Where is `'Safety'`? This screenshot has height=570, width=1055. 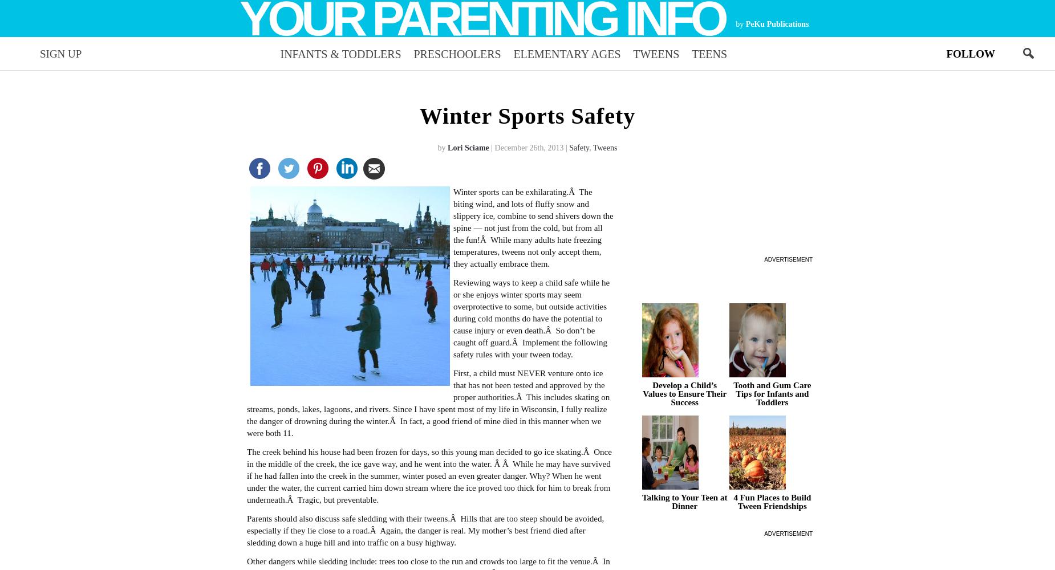
'Safety' is located at coordinates (578, 147).